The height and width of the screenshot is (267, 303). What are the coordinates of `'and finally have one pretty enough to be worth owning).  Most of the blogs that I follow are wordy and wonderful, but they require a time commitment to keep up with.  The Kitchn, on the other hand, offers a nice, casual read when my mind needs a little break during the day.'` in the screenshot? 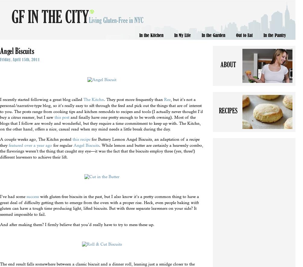 It's located at (100, 123).